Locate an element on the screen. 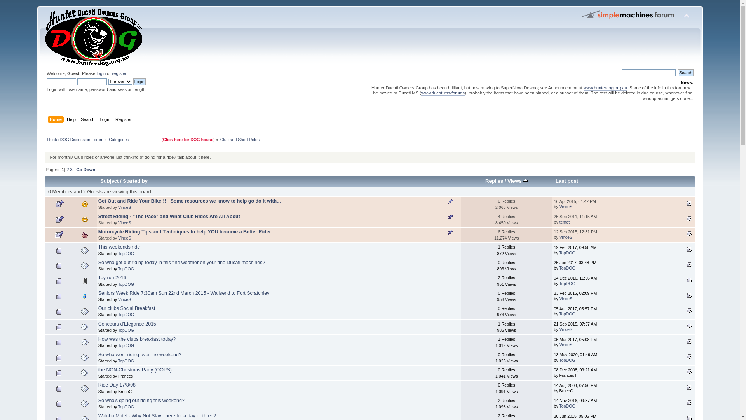 This screenshot has width=746, height=420. 'Simple Machines Forum' is located at coordinates (628, 14).